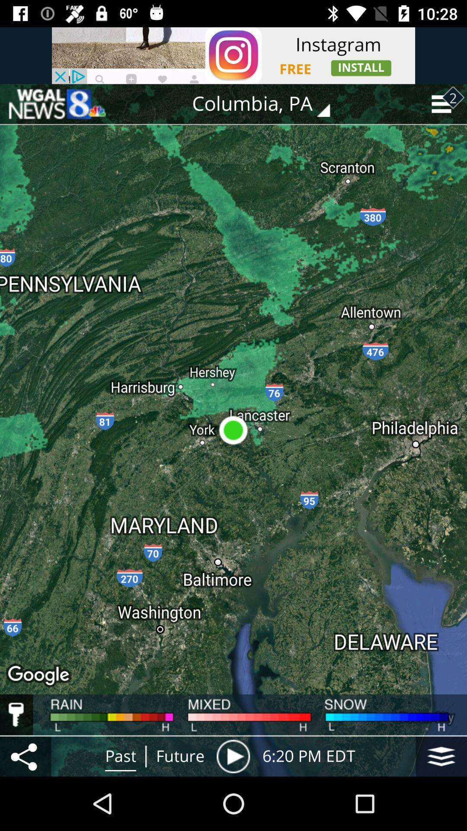 The height and width of the screenshot is (831, 467). What do you see at coordinates (57, 104) in the screenshot?
I see `the icon next to columbia, pa` at bounding box center [57, 104].